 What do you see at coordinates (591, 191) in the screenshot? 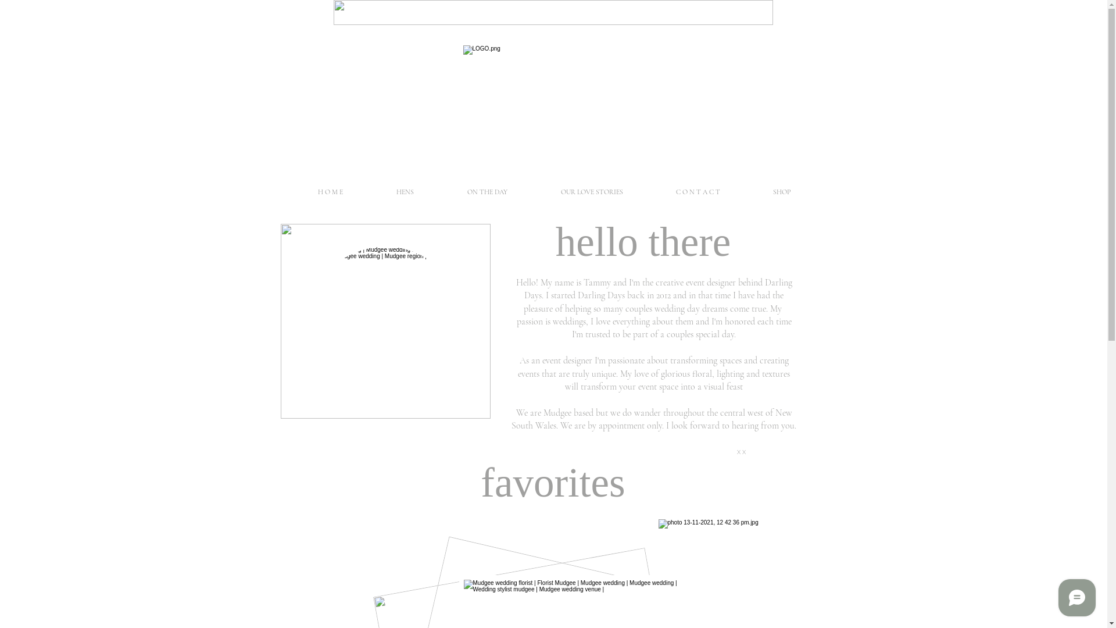
I see `'OUR LOVE STORIES'` at bounding box center [591, 191].